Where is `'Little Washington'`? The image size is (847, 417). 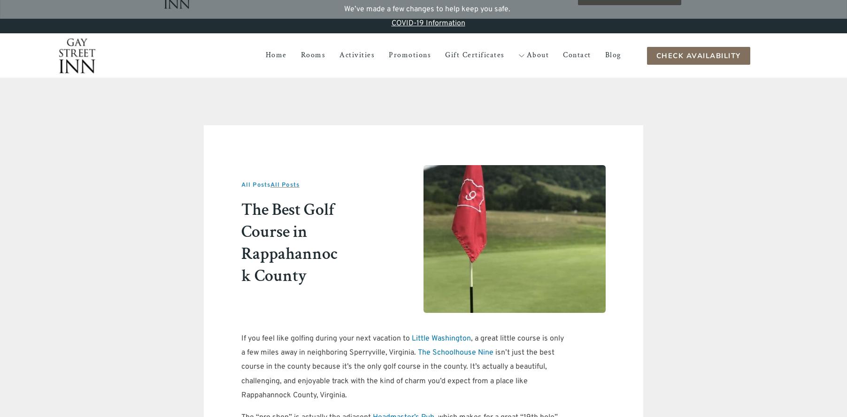 'Little Washington' is located at coordinates (441, 337).